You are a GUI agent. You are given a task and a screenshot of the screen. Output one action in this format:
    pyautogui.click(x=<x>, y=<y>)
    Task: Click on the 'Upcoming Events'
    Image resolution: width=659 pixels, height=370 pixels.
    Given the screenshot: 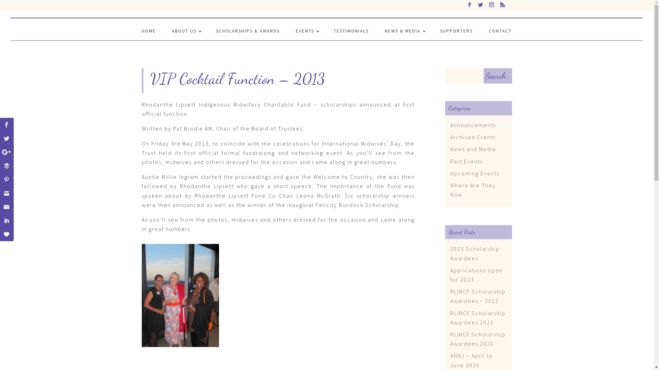 What is the action you would take?
    pyautogui.click(x=474, y=173)
    